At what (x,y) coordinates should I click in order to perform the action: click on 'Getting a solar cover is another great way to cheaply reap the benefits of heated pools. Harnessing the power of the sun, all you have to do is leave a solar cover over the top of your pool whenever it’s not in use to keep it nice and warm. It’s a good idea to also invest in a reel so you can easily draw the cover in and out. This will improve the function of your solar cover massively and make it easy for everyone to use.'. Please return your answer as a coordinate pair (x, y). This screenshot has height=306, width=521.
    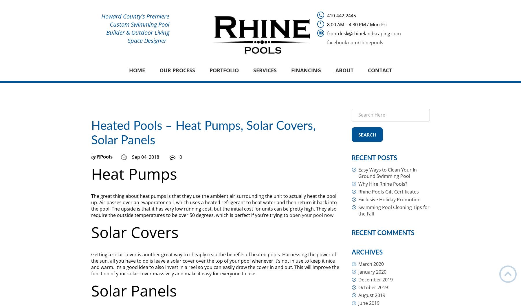
    Looking at the image, I should click on (91, 264).